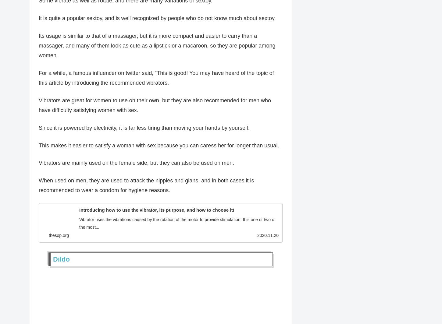 The height and width of the screenshot is (324, 442). I want to click on 'It is quite a popular sextoy, and is well recognized by people who do not know much about sextoy.', so click(157, 20).